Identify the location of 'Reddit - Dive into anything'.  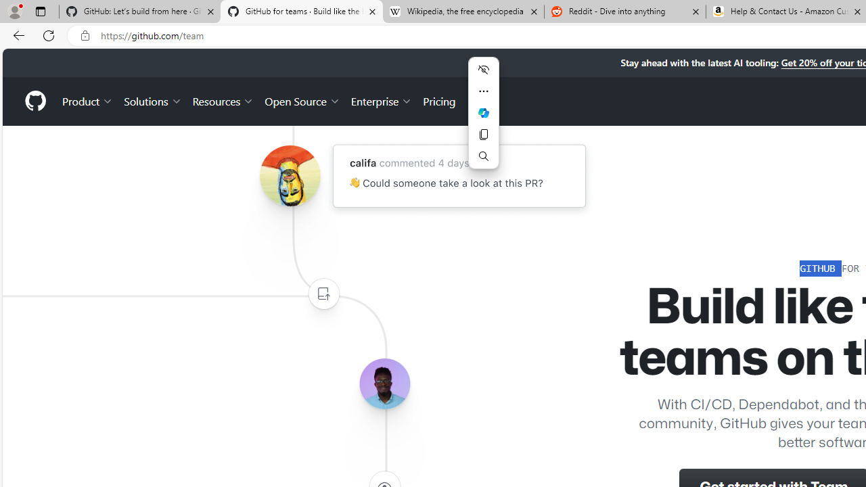
(624, 11).